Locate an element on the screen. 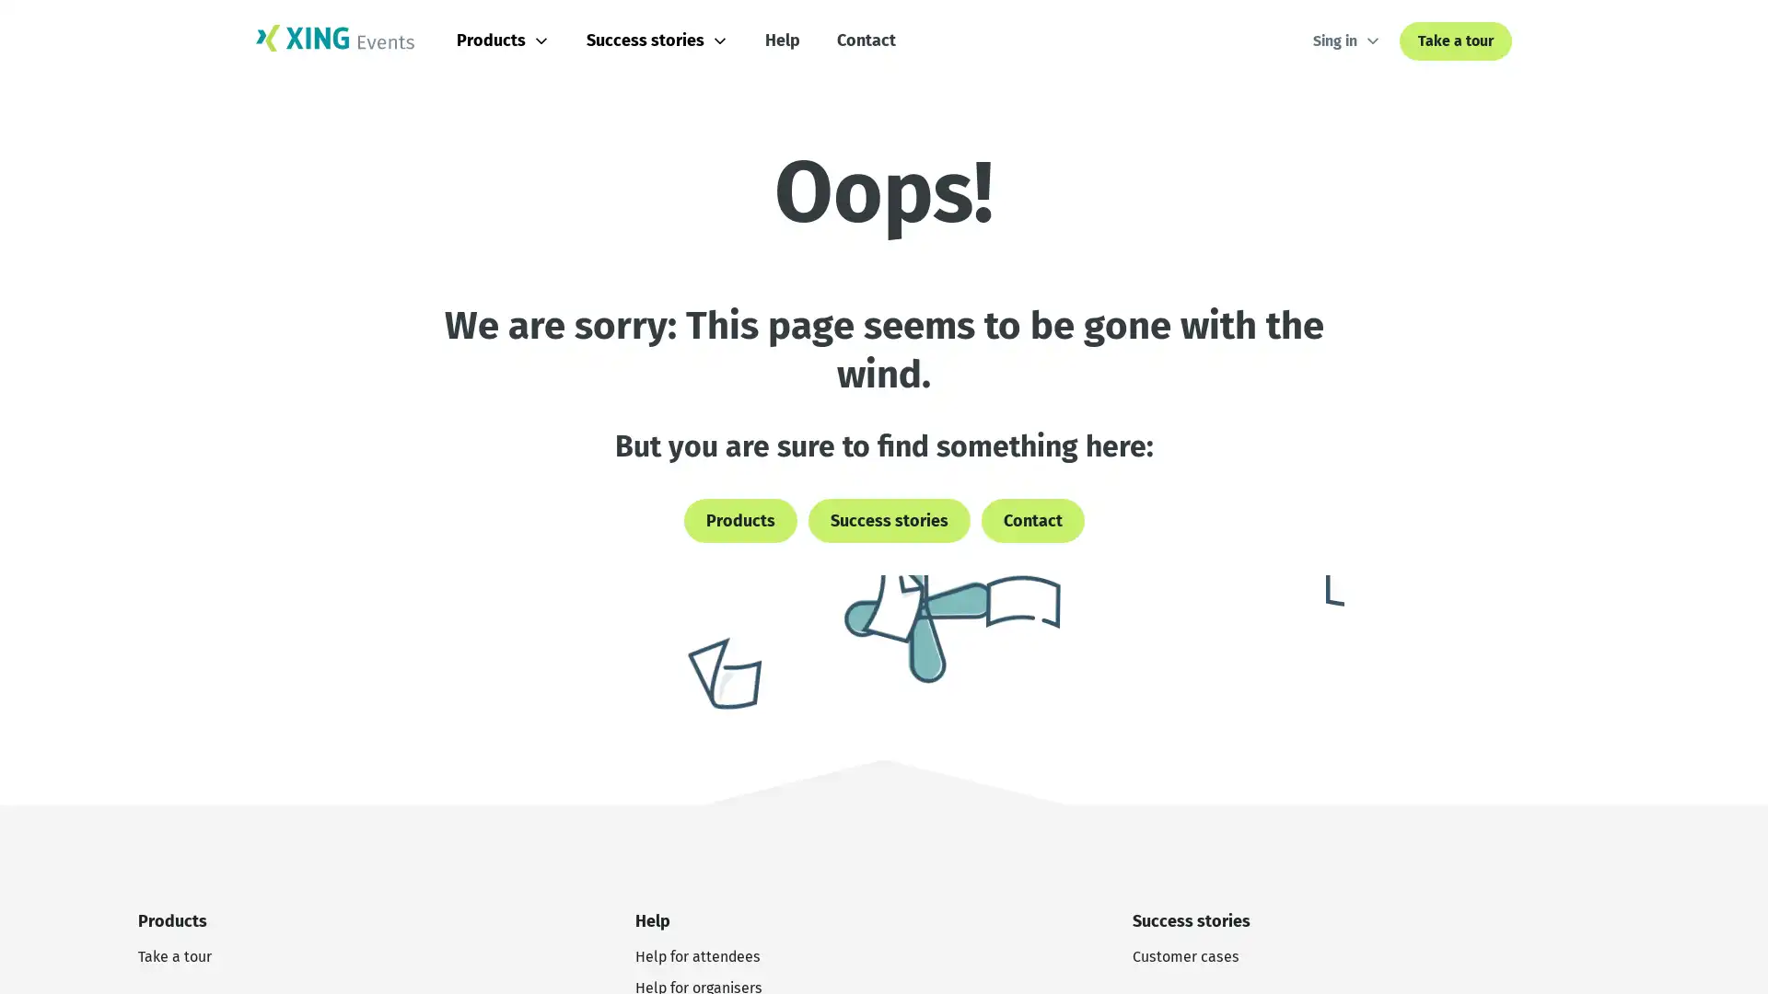 The image size is (1768, 994). Products Symbol Arrow down is located at coordinates (516, 40).